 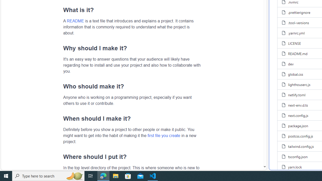 What do you see at coordinates (296, 33) in the screenshot?
I see `'.yarnrc.yml, (File)'` at bounding box center [296, 33].